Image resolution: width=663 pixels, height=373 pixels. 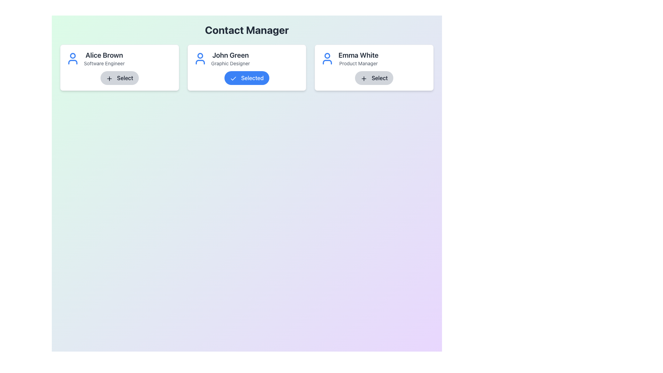 What do you see at coordinates (327, 62) in the screenshot?
I see `the decorative graphical vector component located beneath the head in the user profile icon for 'Emma White, Product Manager'` at bounding box center [327, 62].